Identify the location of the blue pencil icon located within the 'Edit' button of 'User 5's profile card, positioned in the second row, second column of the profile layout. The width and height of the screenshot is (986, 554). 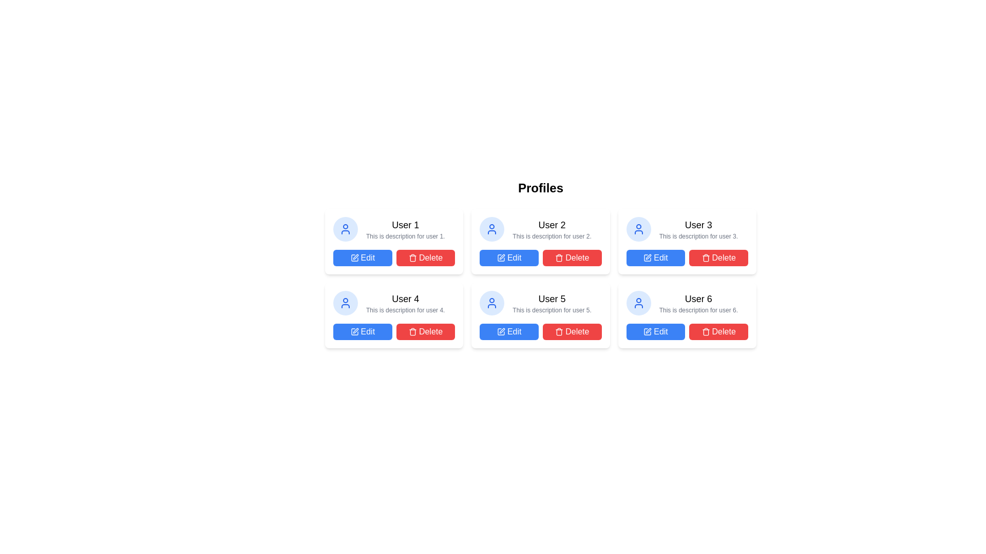
(501, 332).